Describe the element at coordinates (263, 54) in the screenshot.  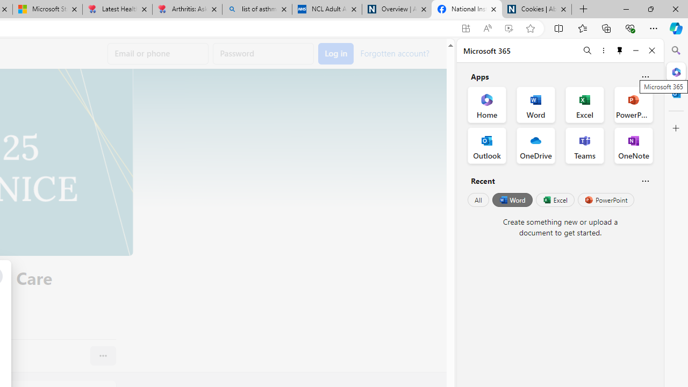
I see `'Password'` at that location.